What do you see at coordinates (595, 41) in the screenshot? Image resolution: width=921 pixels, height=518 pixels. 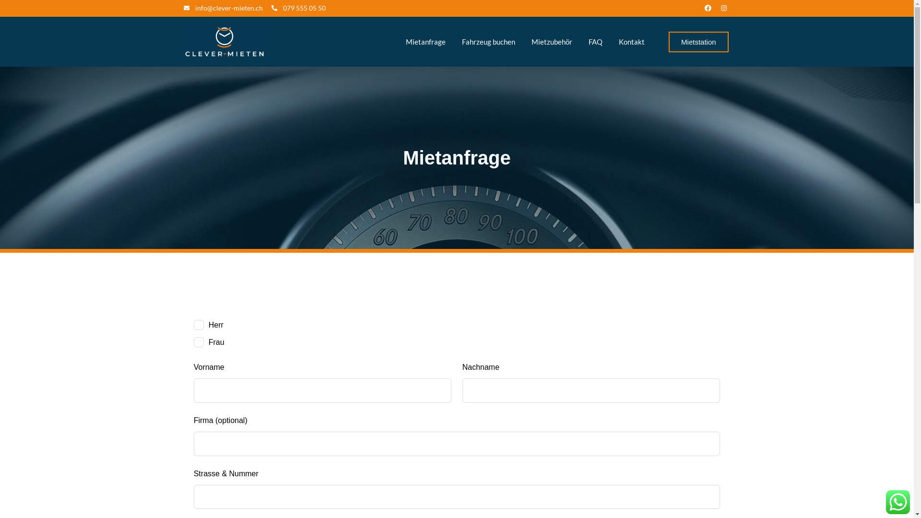 I see `'FAQ'` at bounding box center [595, 41].